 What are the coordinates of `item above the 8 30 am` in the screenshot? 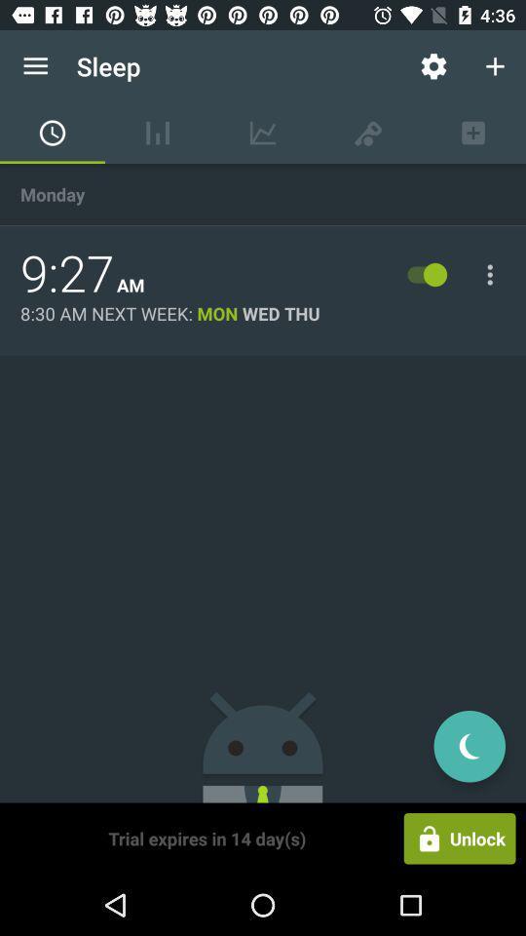 It's located at (66, 273).